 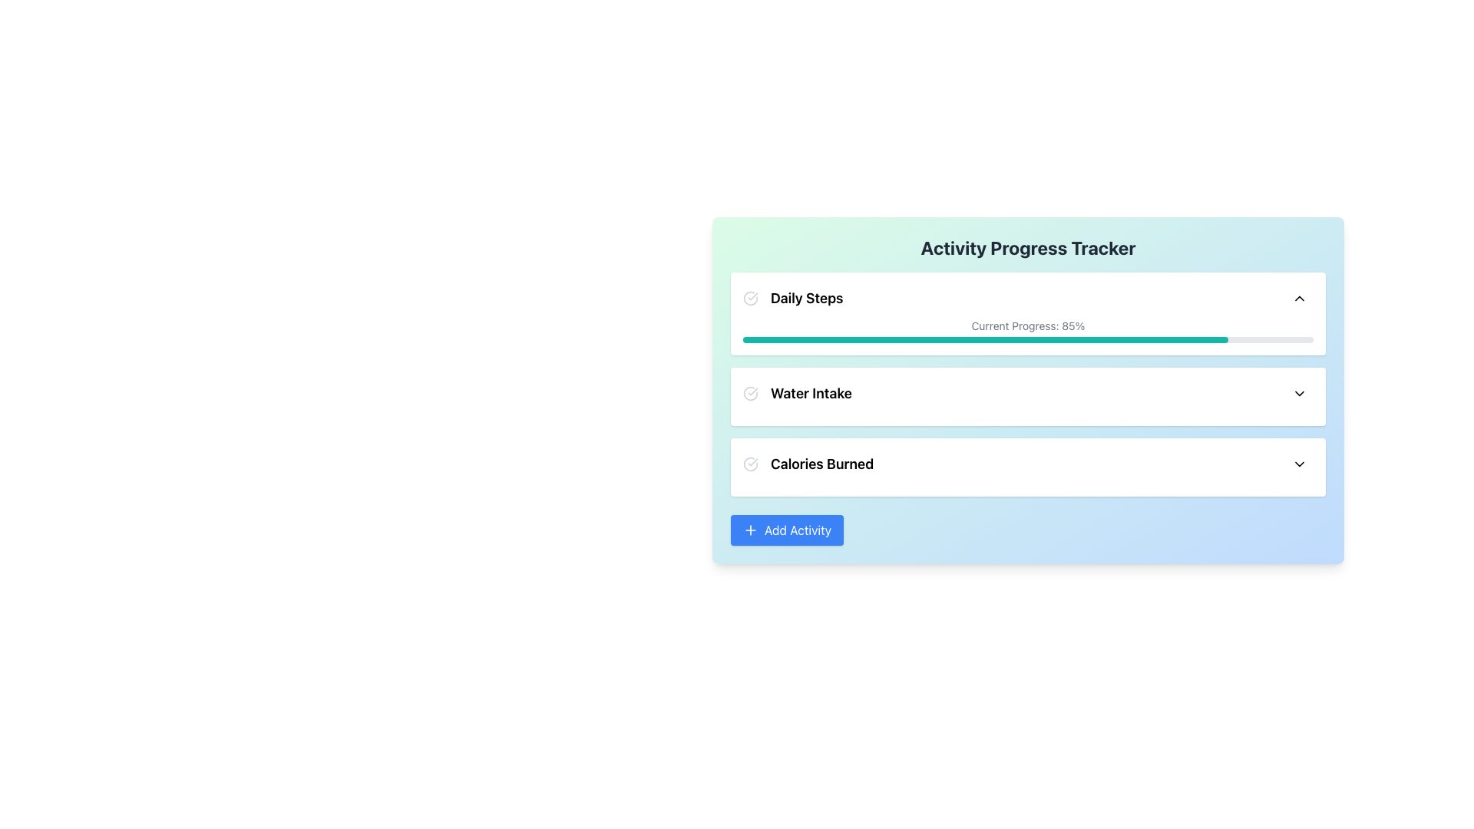 What do you see at coordinates (810, 393) in the screenshot?
I see `the 'Water Intake' text label that serves as a heading for the activity segment, positioned to the right of a circular icon in the second row under the 'Activity Progress Tracker' heading` at bounding box center [810, 393].